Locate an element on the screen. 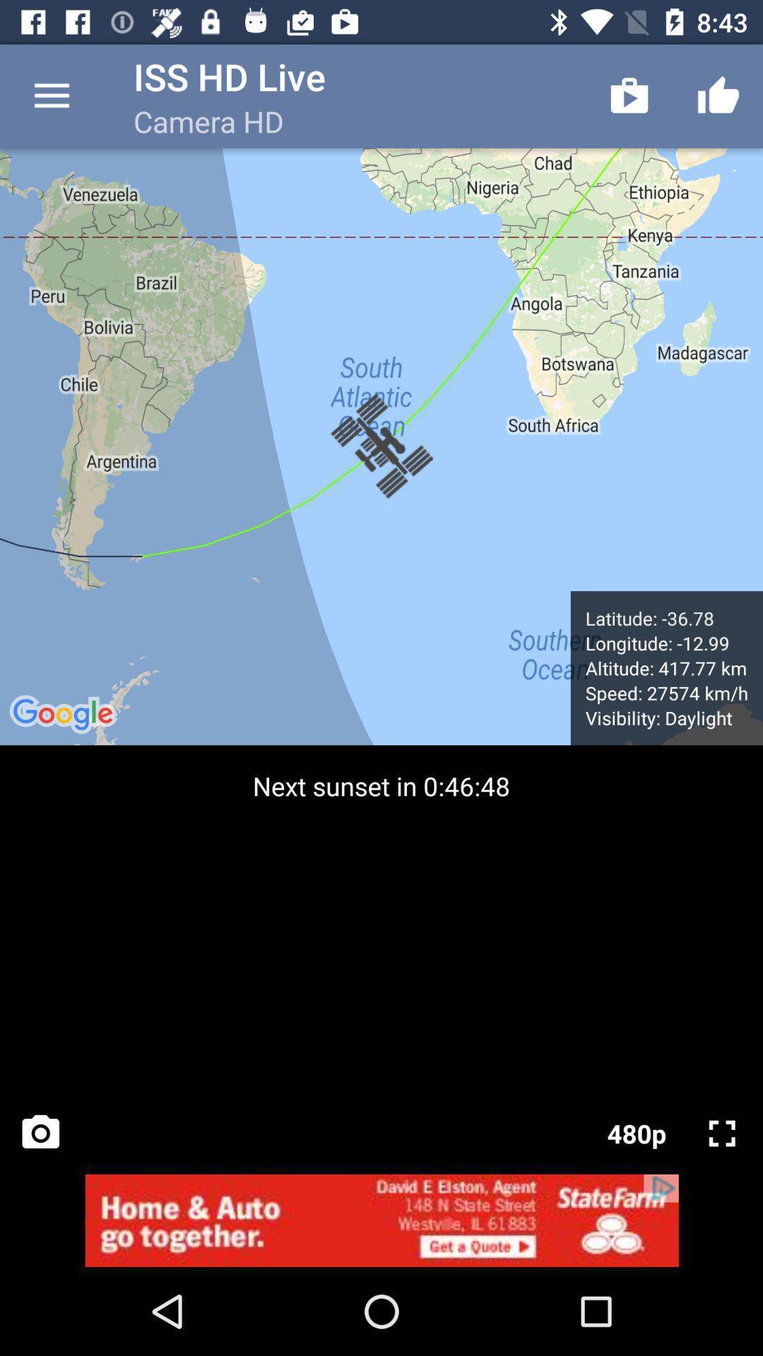 The height and width of the screenshot is (1356, 763). camera selection is located at coordinates (40, 1133).